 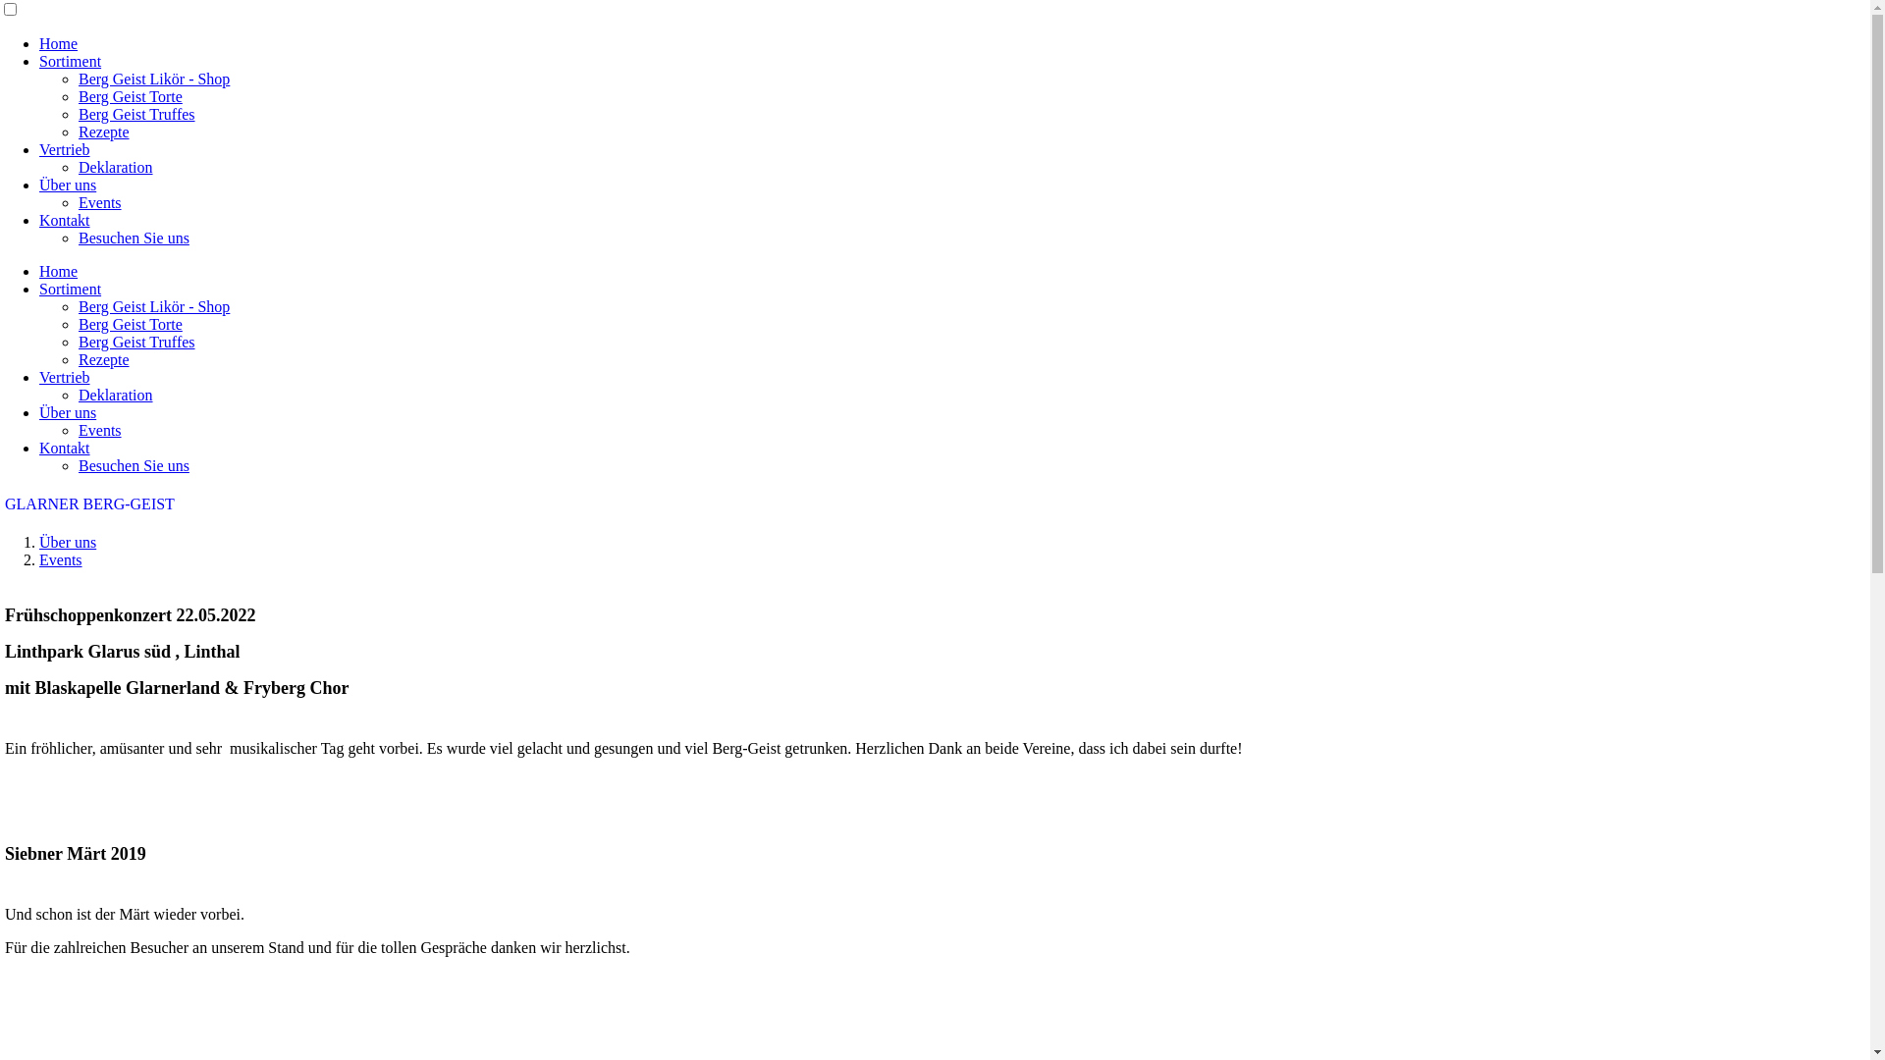 I want to click on 'Berg Geist Torte', so click(x=79, y=323).